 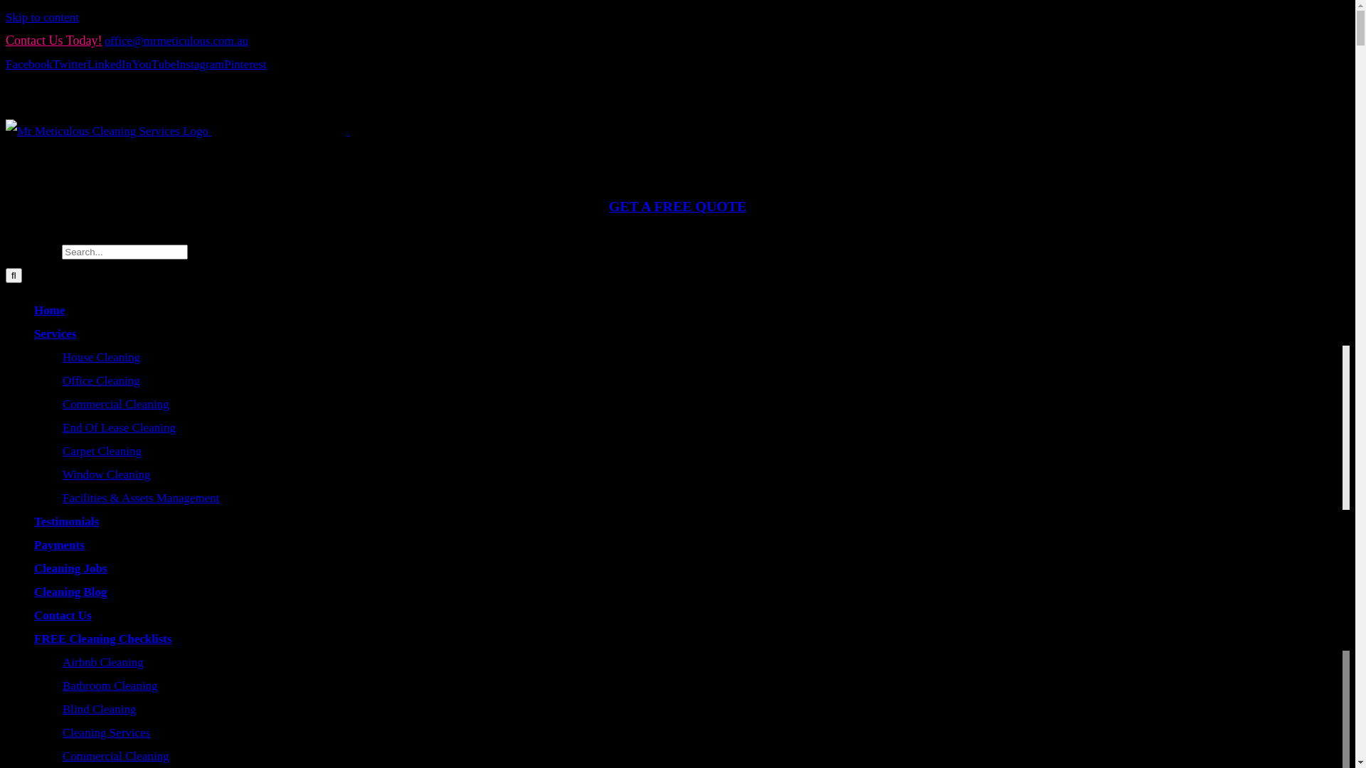 What do you see at coordinates (105, 474) in the screenshot?
I see `'Window Cleaning'` at bounding box center [105, 474].